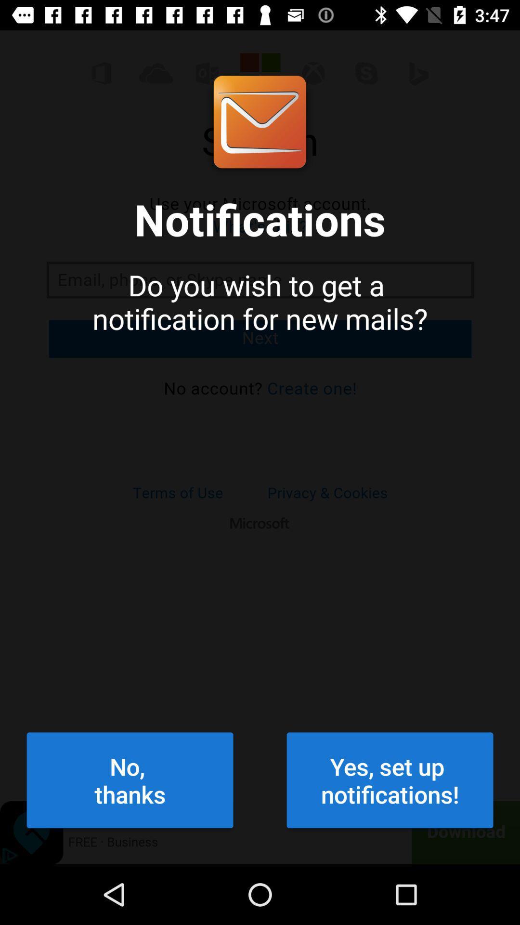  I want to click on app below do you wish icon, so click(130, 780).